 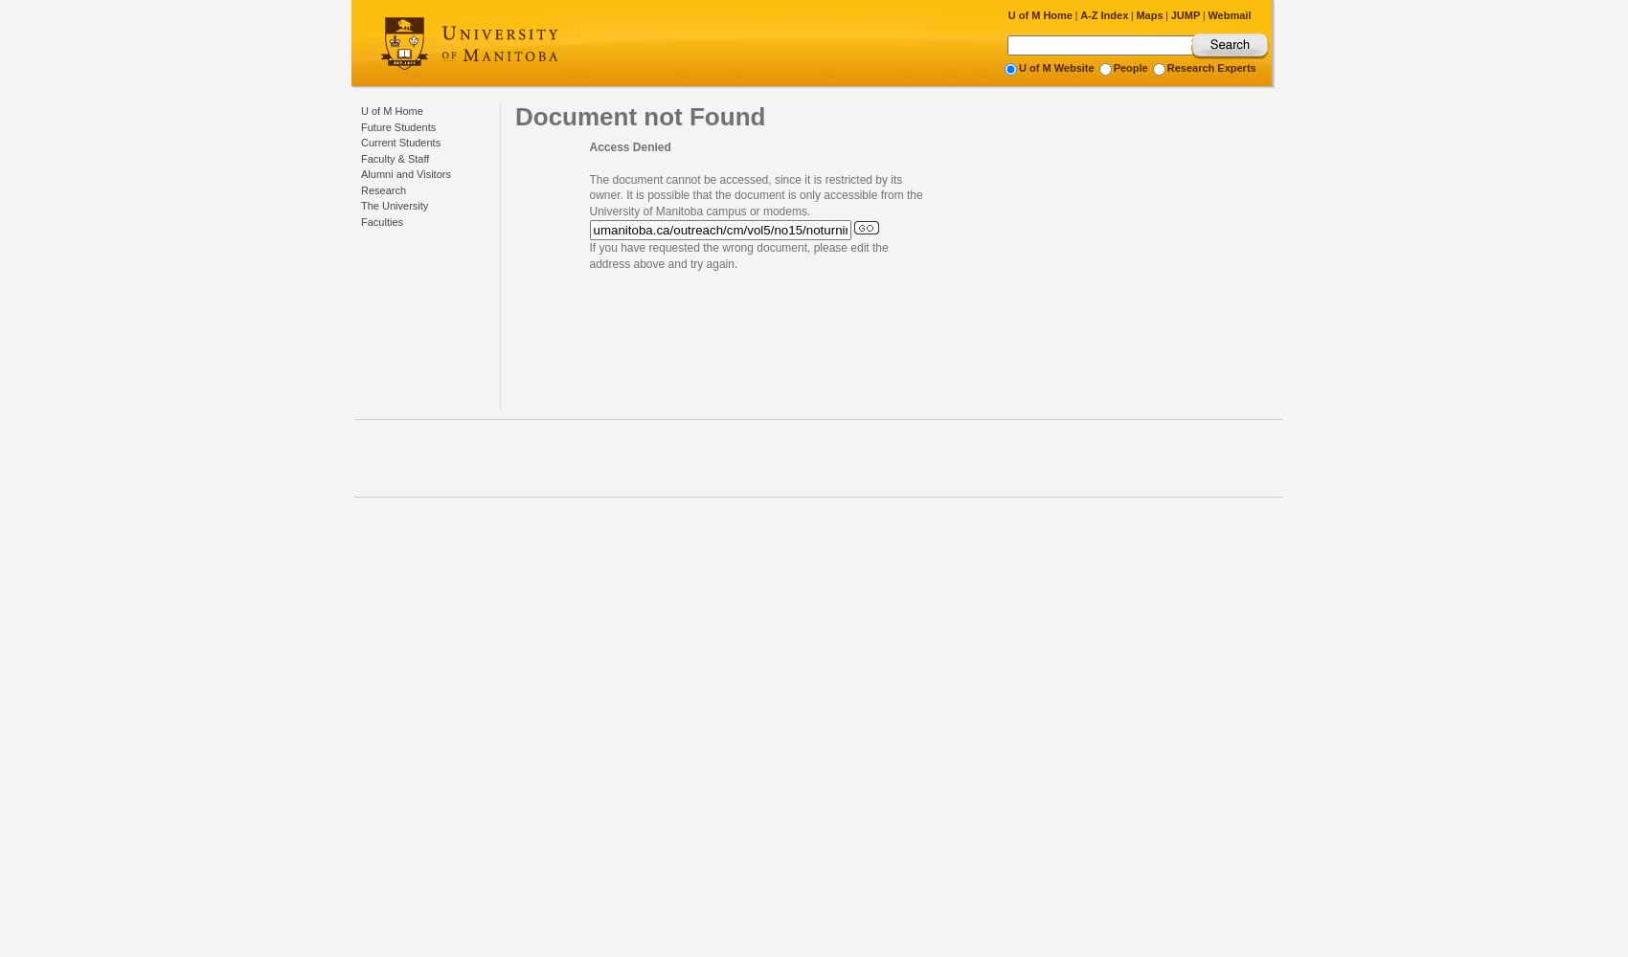 I want to click on 'A-Z Index', so click(x=1103, y=15).